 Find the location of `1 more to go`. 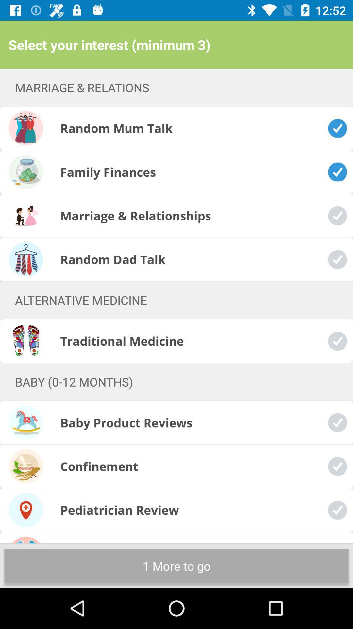

1 more to go is located at coordinates (176, 566).